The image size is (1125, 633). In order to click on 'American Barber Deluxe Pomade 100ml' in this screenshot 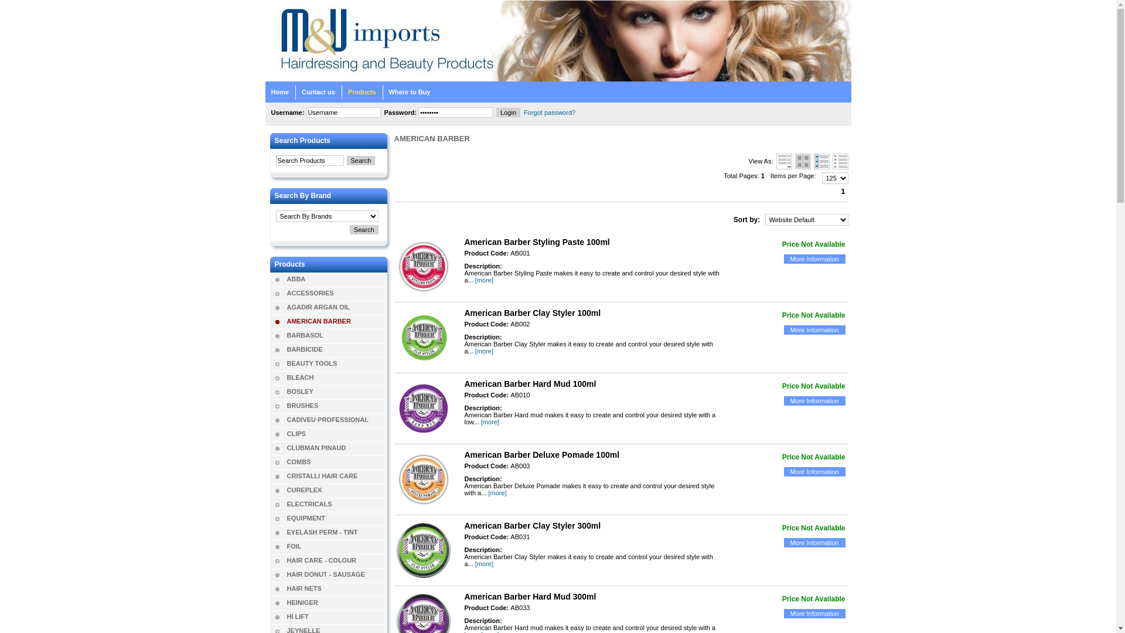, I will do `click(541, 454)`.